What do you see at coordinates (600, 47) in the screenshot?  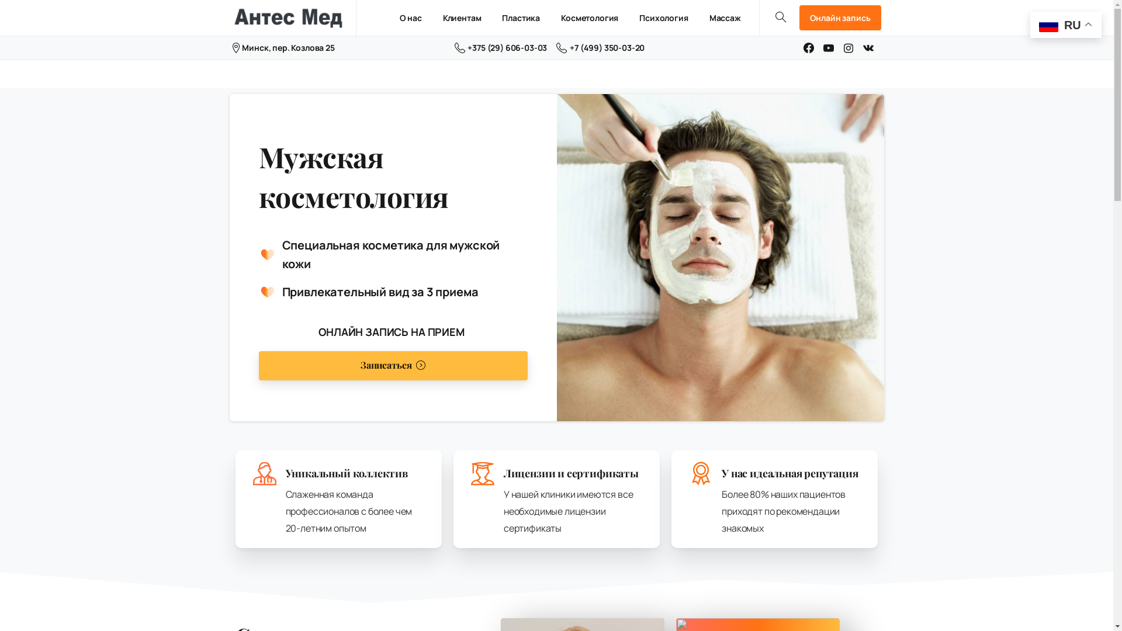 I see `'+7 (499) 350-03-20'` at bounding box center [600, 47].